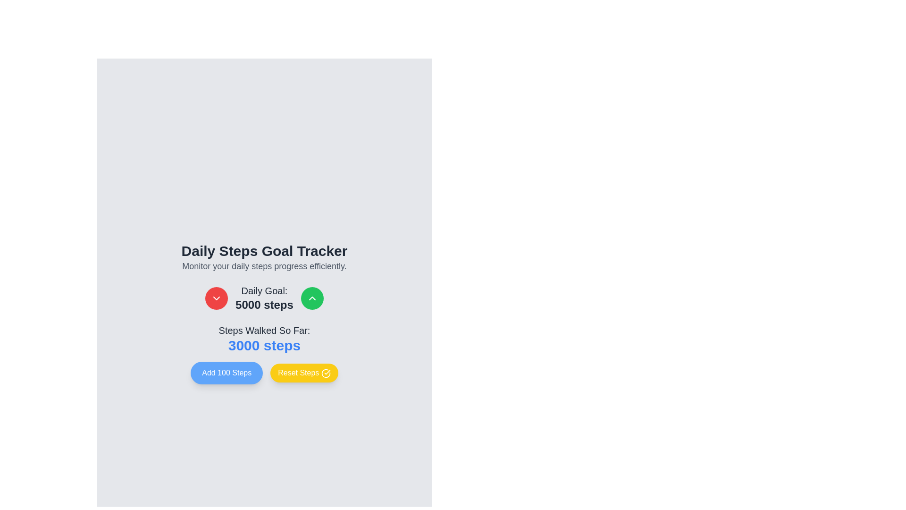 The image size is (906, 510). What do you see at coordinates (264, 345) in the screenshot?
I see `the static text display that shows the number of steps taken, located below the 'Steps Walked So Far:' text` at bounding box center [264, 345].